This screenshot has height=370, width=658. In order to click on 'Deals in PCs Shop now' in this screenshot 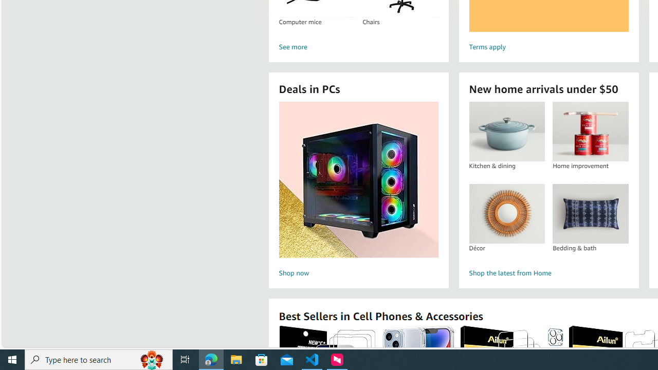, I will do `click(358, 191)`.